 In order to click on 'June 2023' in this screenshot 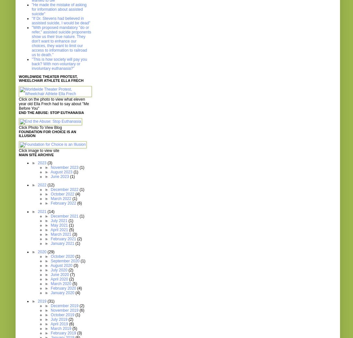, I will do `click(60, 177)`.